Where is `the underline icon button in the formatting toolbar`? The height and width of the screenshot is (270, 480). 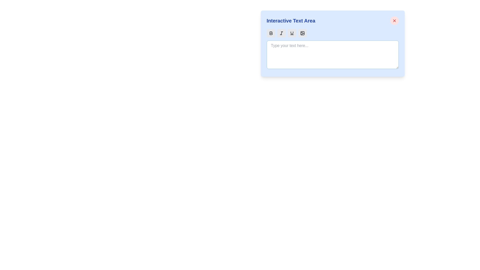 the underline icon button in the formatting toolbar is located at coordinates (292, 33).